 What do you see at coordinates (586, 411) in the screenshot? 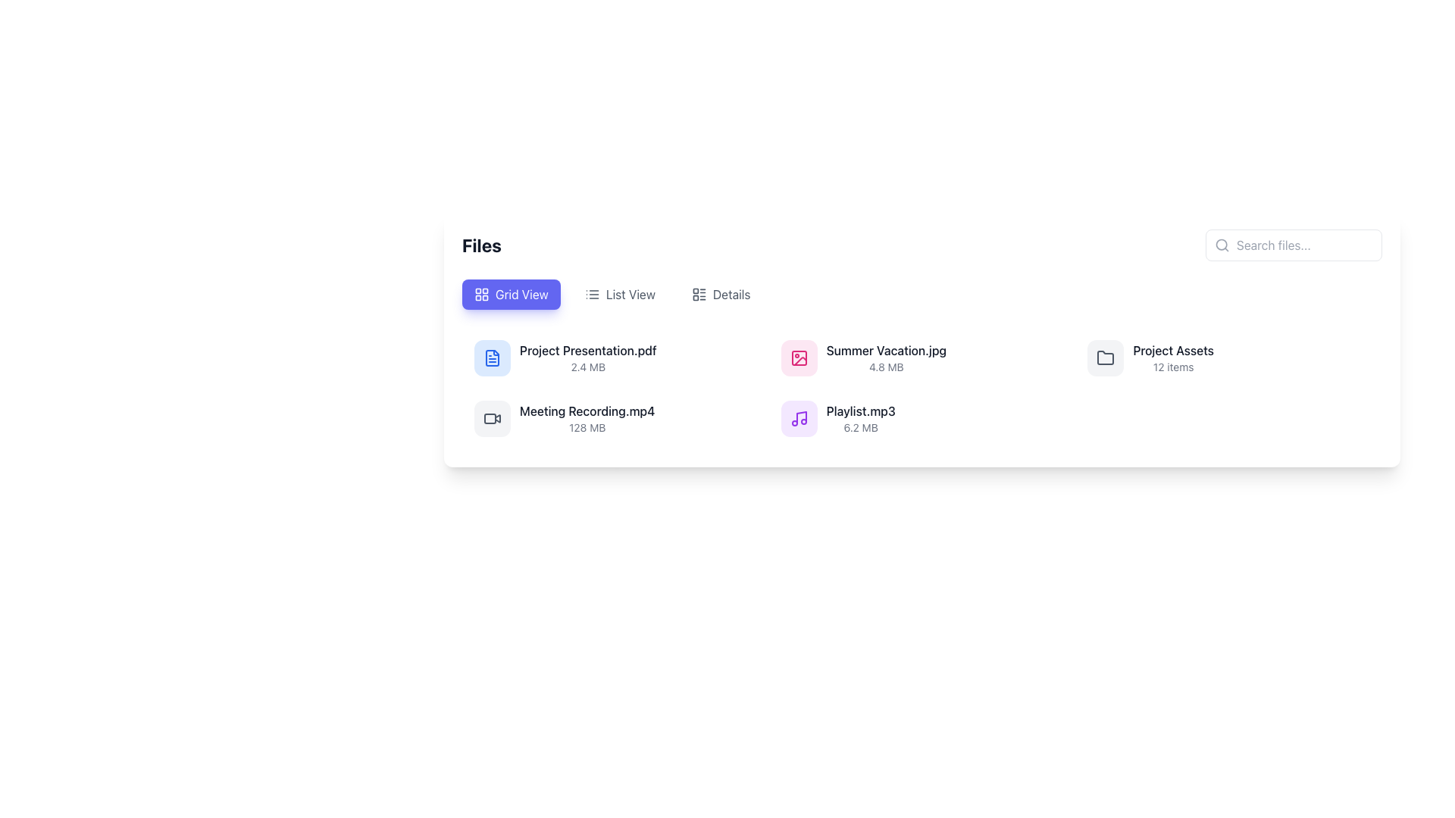
I see `the text label displaying 'Meeting Recording.mp4'` at bounding box center [586, 411].